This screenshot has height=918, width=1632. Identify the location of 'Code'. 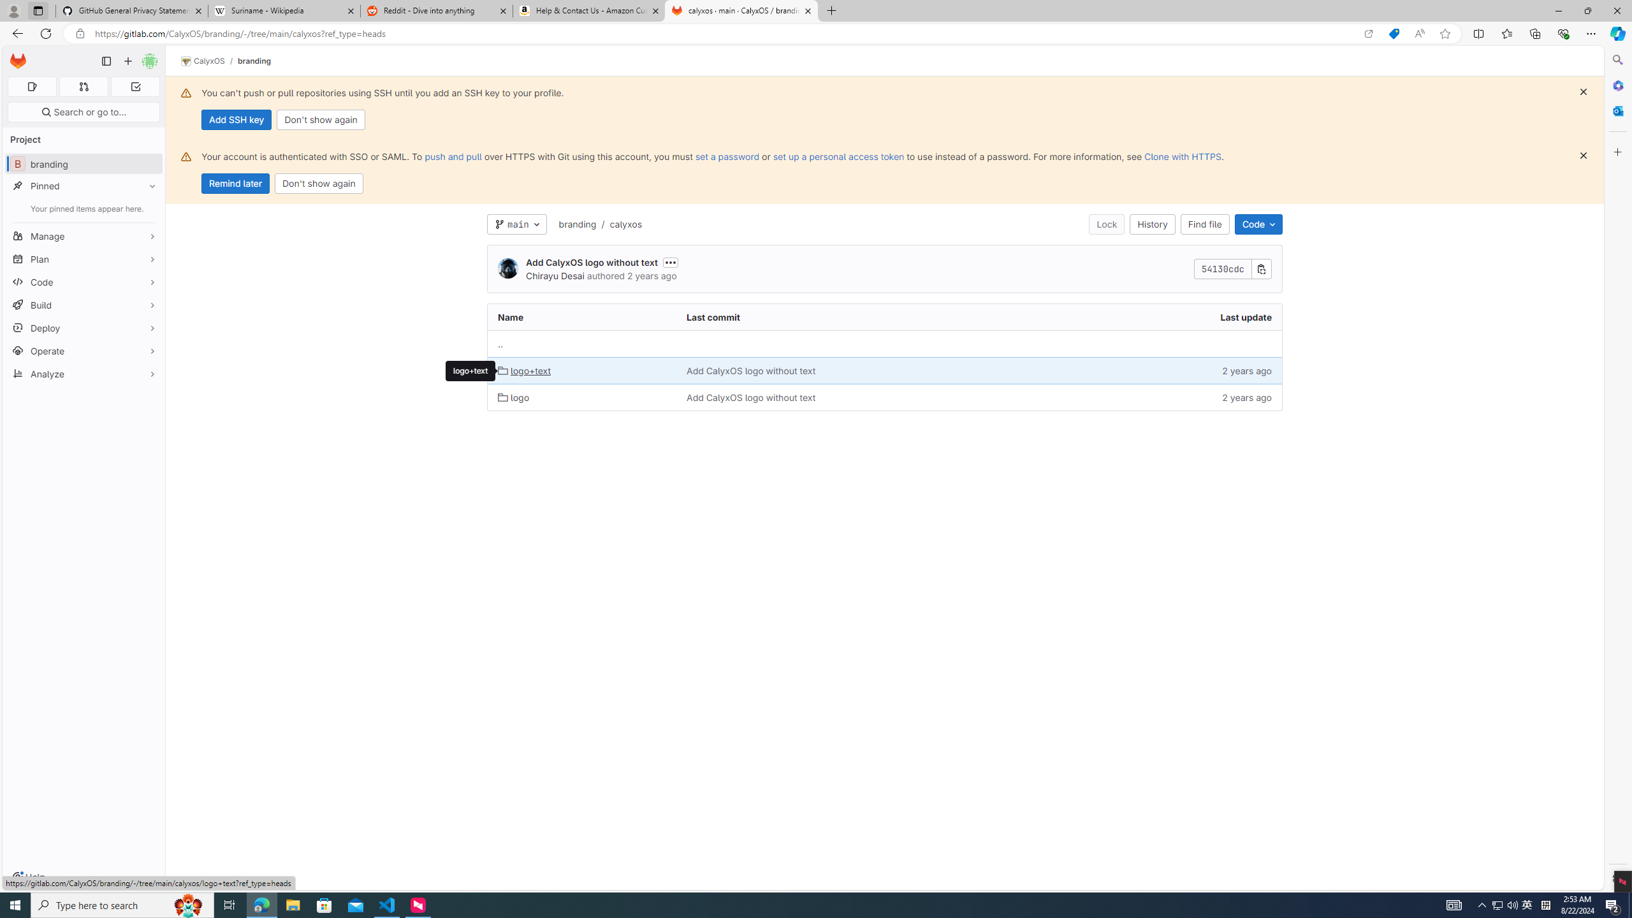
(1257, 224).